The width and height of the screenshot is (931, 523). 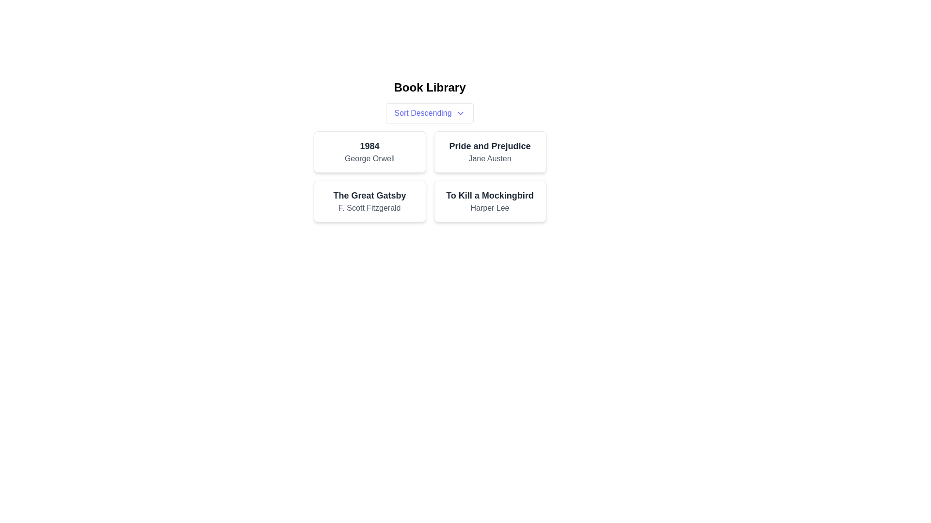 What do you see at coordinates (423, 113) in the screenshot?
I see `the 'Sort Descending' text label within the dropdown menu to interact with the sorting options` at bounding box center [423, 113].